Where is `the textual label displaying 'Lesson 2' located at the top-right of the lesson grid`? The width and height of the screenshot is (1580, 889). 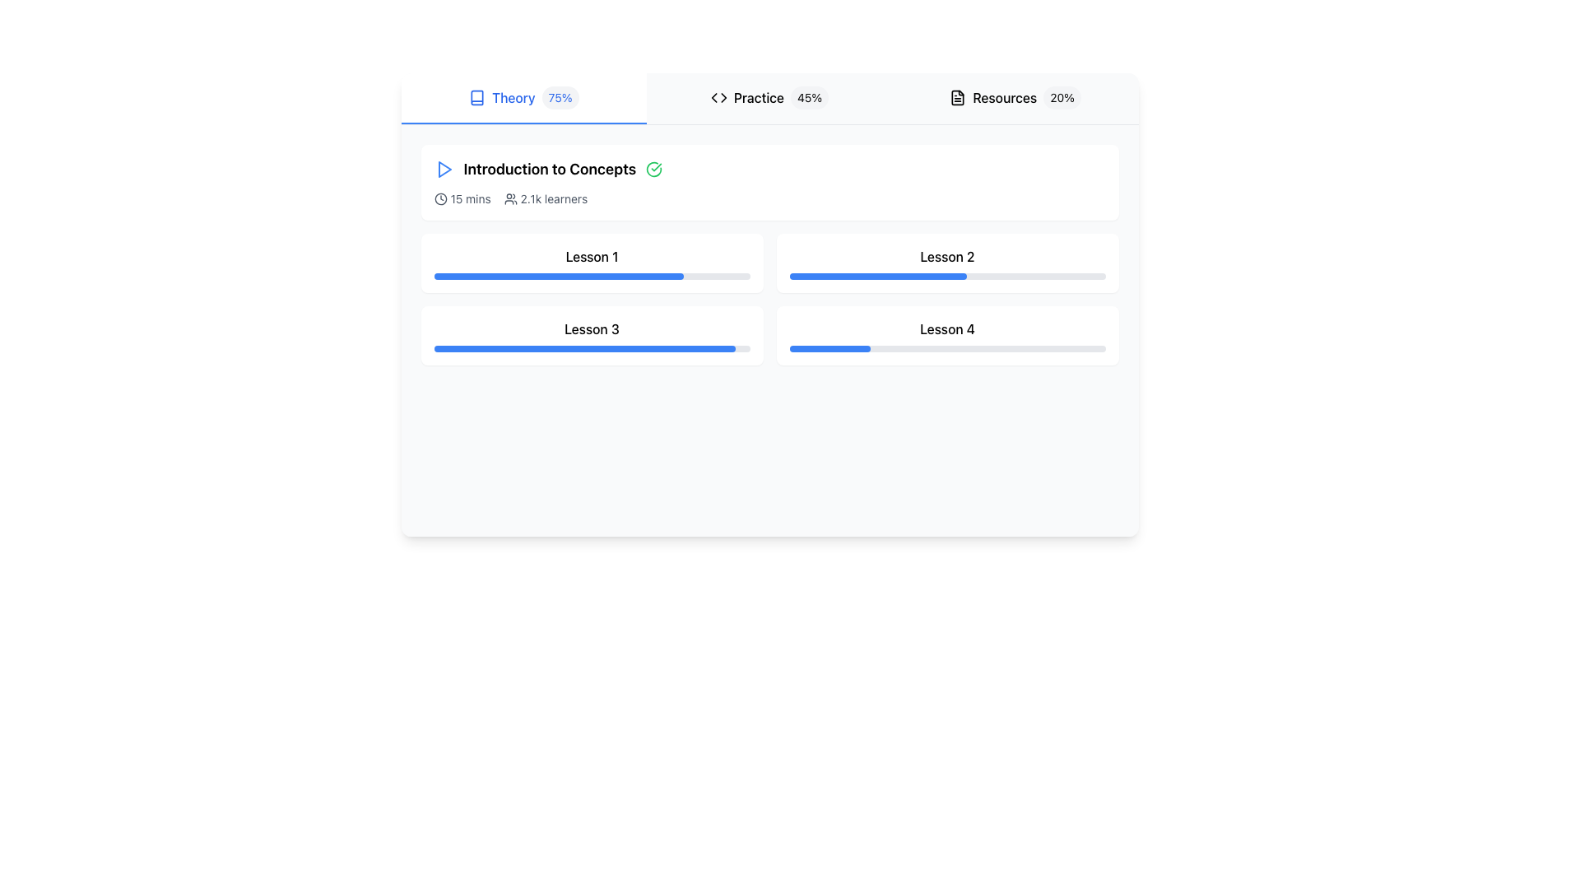 the textual label displaying 'Lesson 2' located at the top-right of the lesson grid is located at coordinates (947, 257).